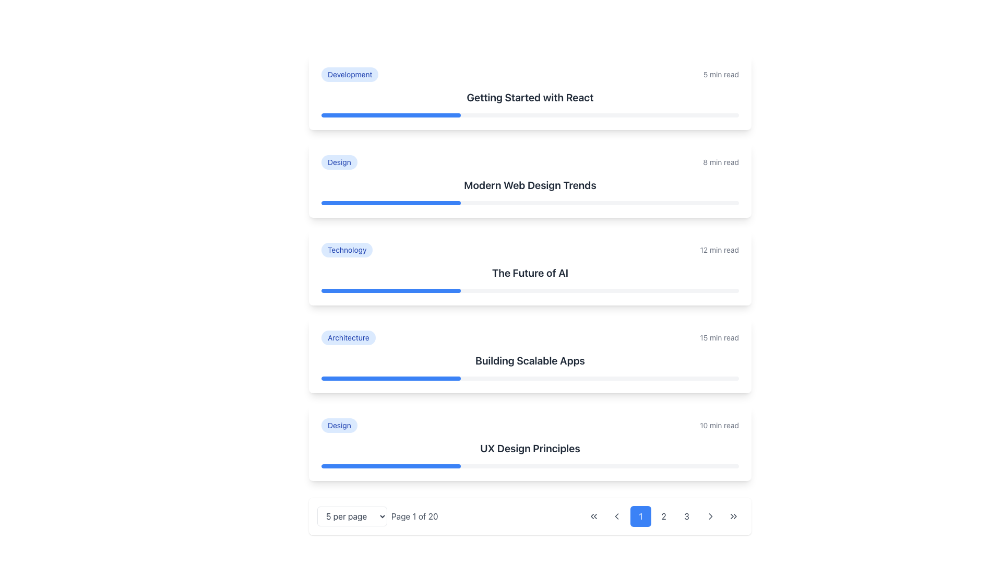 This screenshot has width=1002, height=564. I want to click on progress, so click(383, 203).